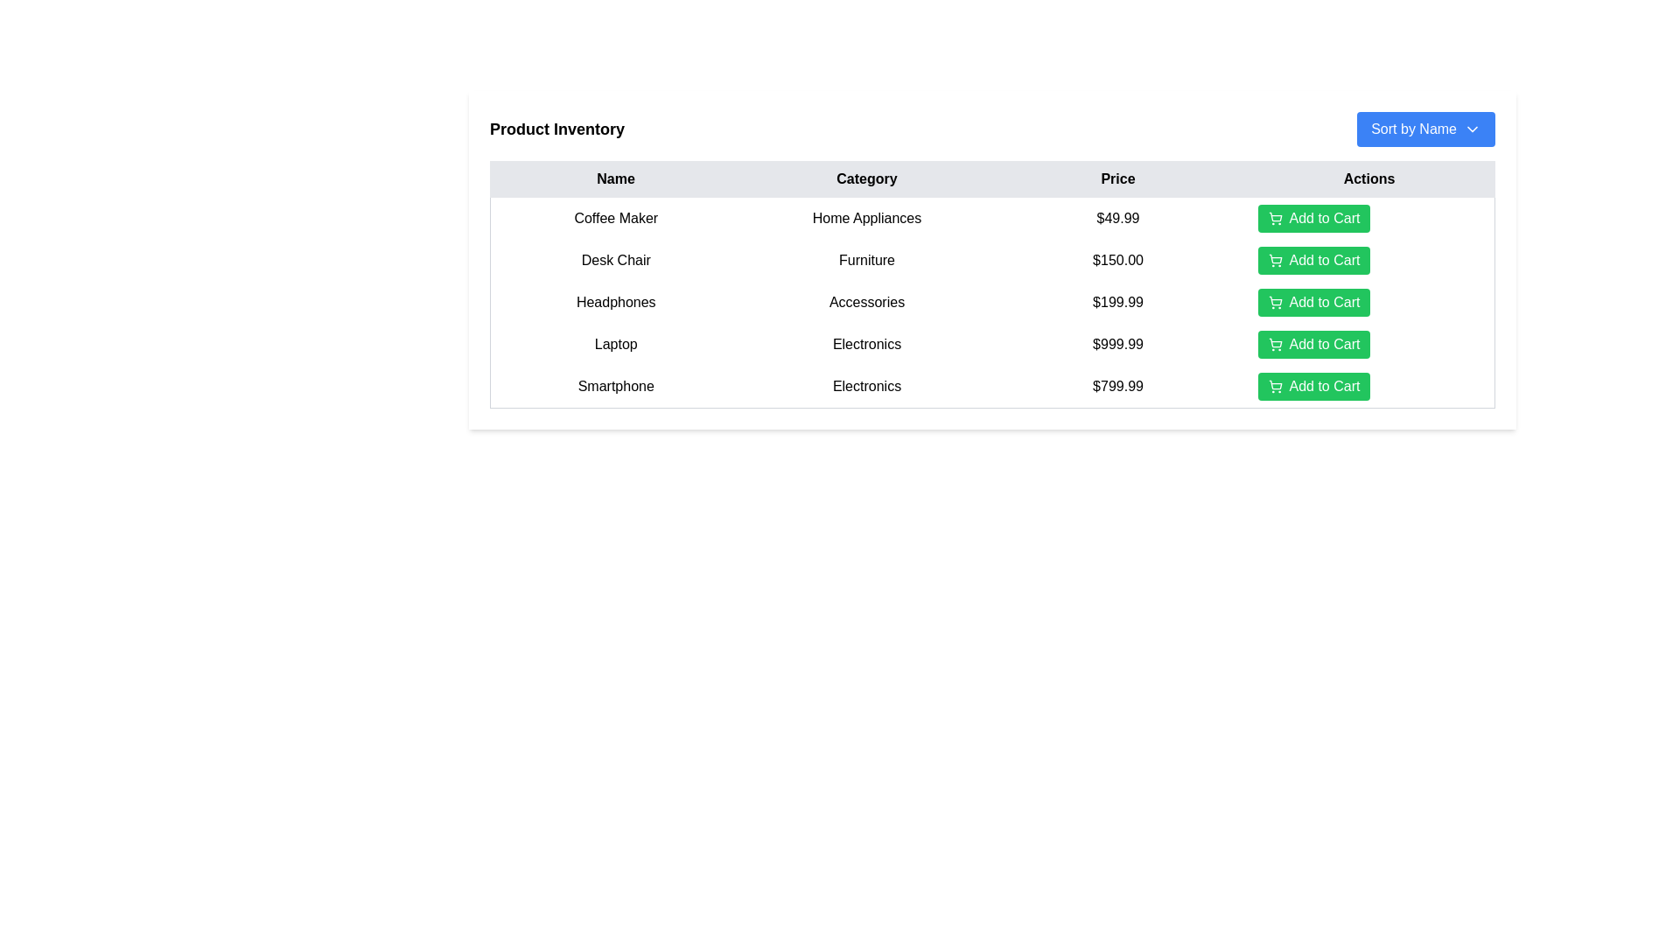 The height and width of the screenshot is (945, 1680). I want to click on the last table row displaying the product 'Smartphone' in the 'Product Inventory' section, so click(992, 386).